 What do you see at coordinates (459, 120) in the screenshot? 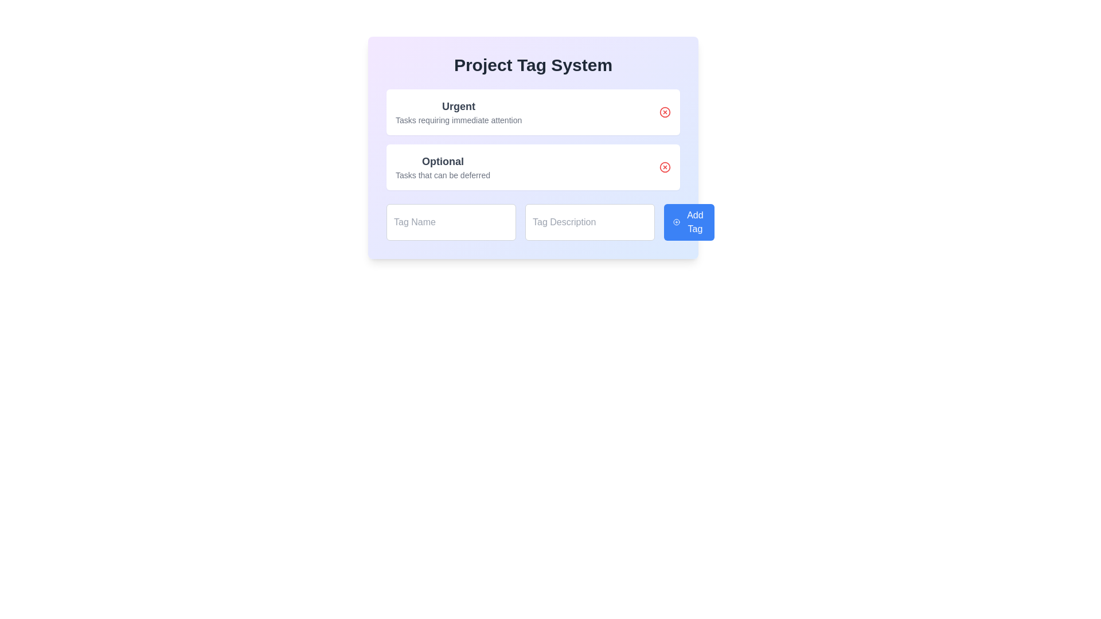
I see `the text element displaying 'Tasks requiring immediate attention', which is styled in small gray font and located below the 'Urgent' header` at bounding box center [459, 120].